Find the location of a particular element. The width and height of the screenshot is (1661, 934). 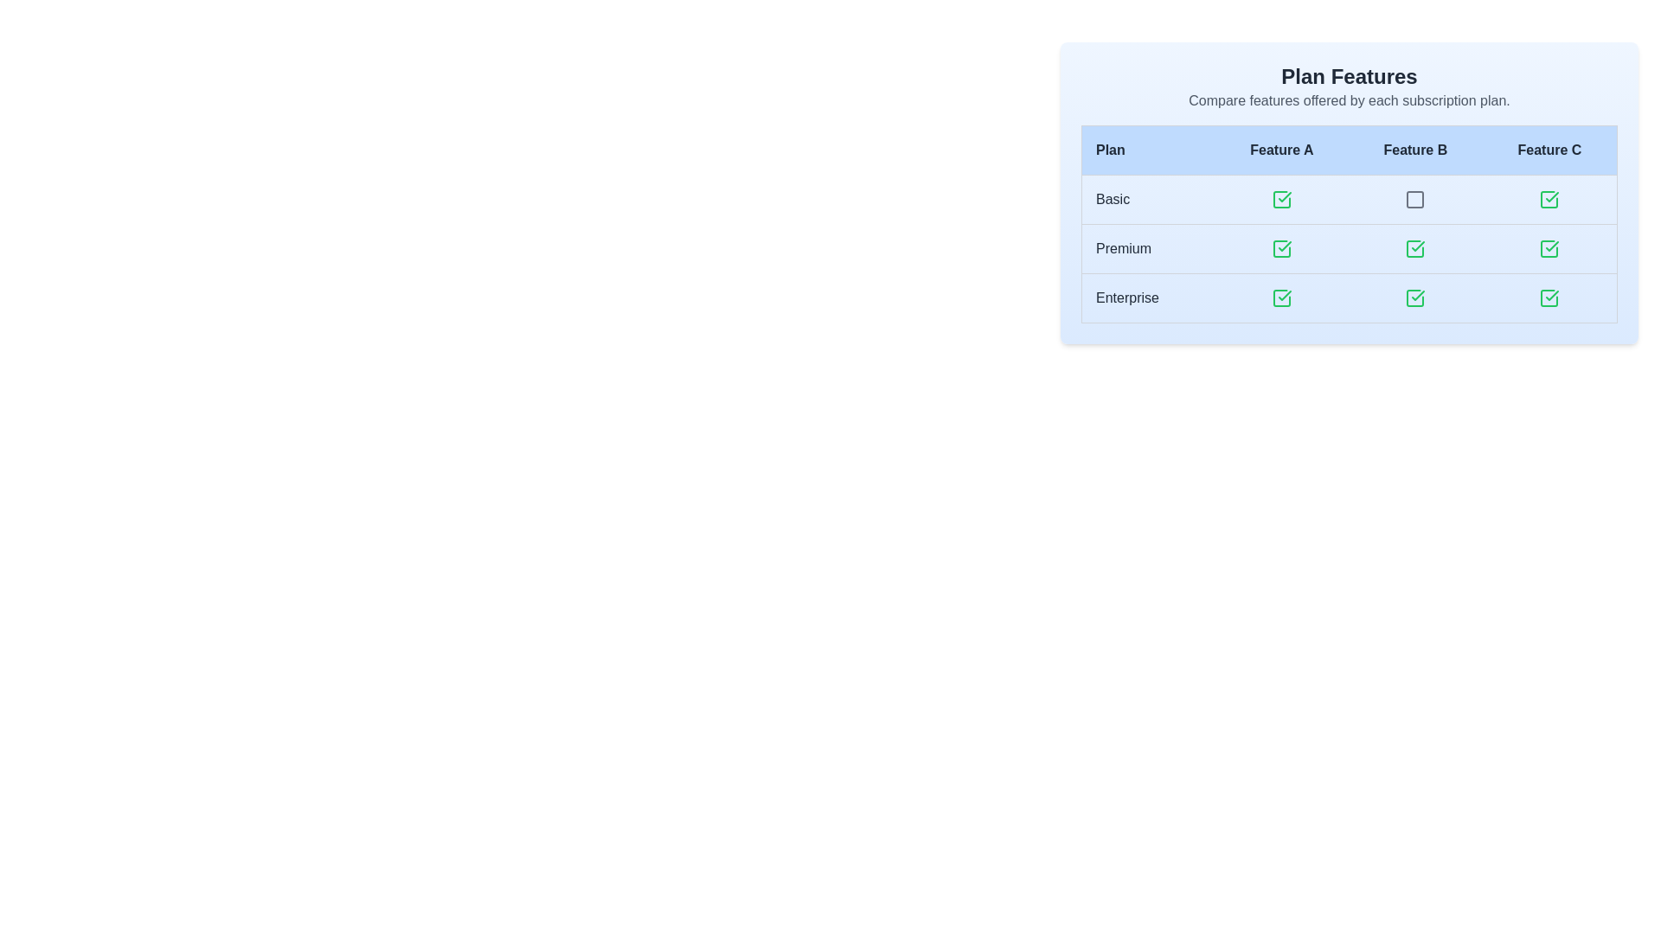

the green checkmark icon in the 'Feature C' column for the 'Premium' row in the feature comparison table is located at coordinates (1549, 249).